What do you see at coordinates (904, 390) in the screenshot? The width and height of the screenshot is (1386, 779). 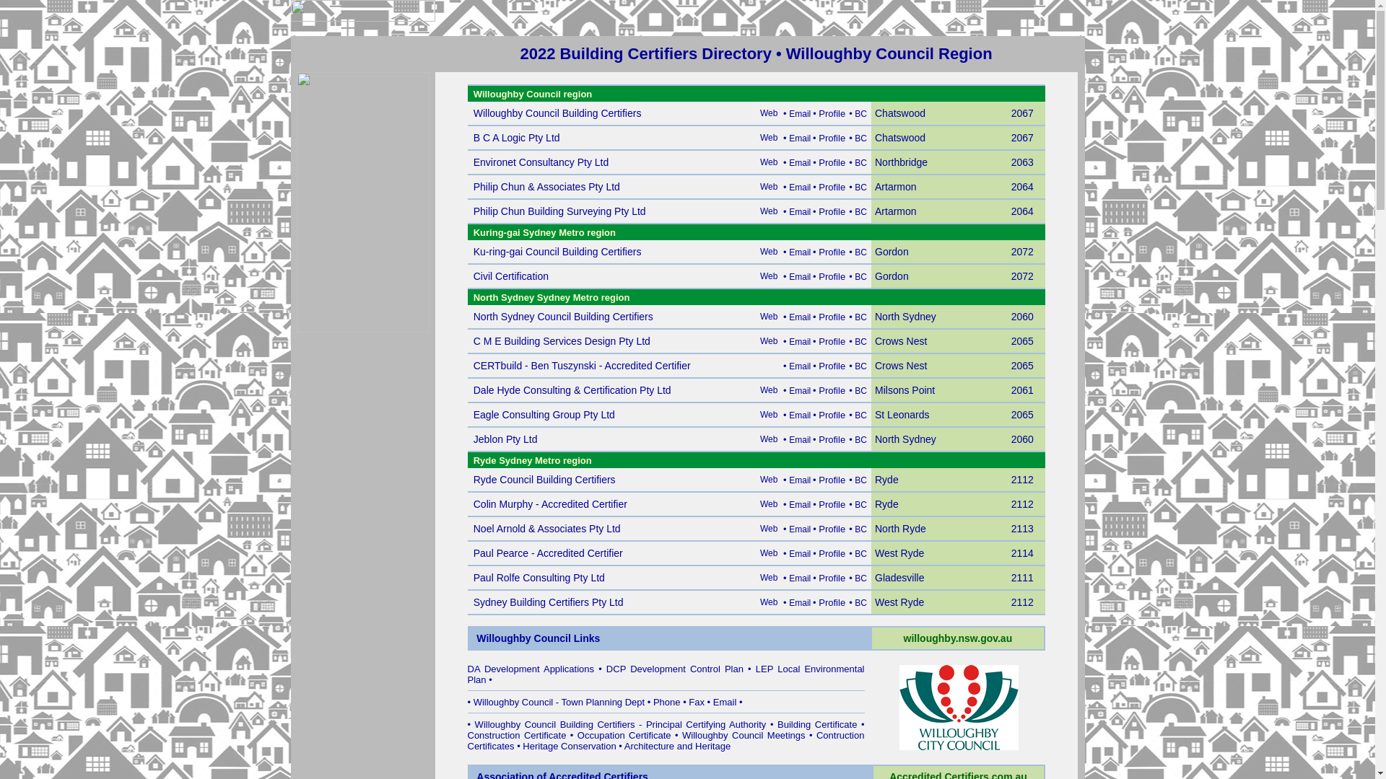 I see `'Milsons Point'` at bounding box center [904, 390].